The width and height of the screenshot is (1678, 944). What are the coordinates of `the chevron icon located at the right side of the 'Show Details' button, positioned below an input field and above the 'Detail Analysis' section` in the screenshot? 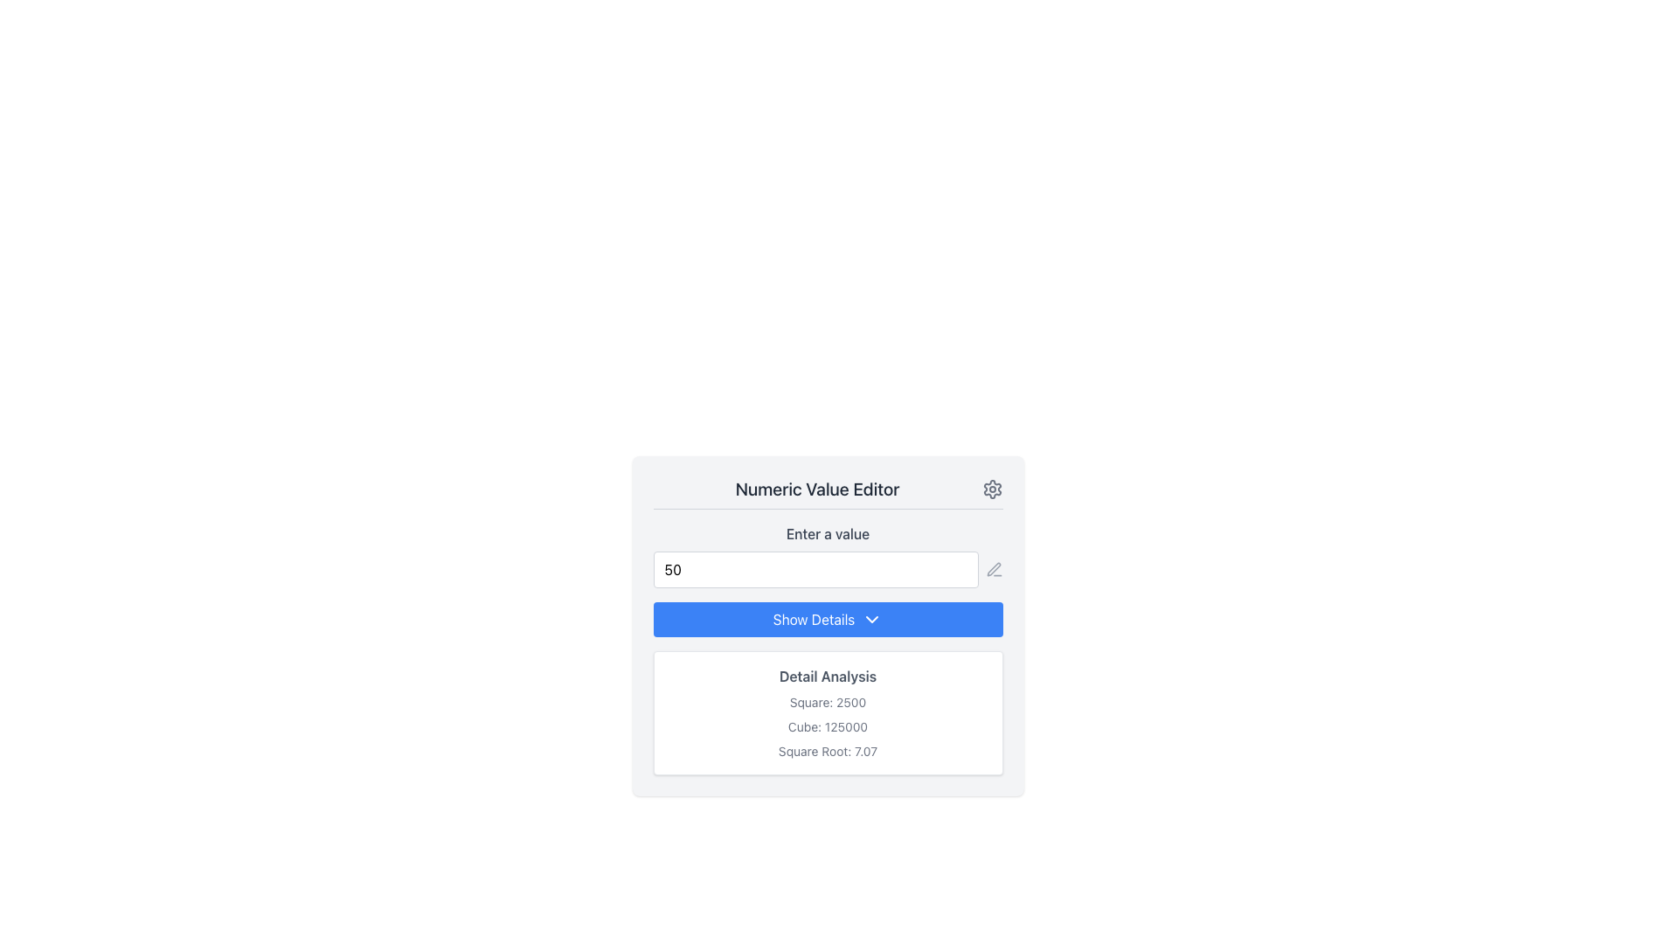 It's located at (872, 619).